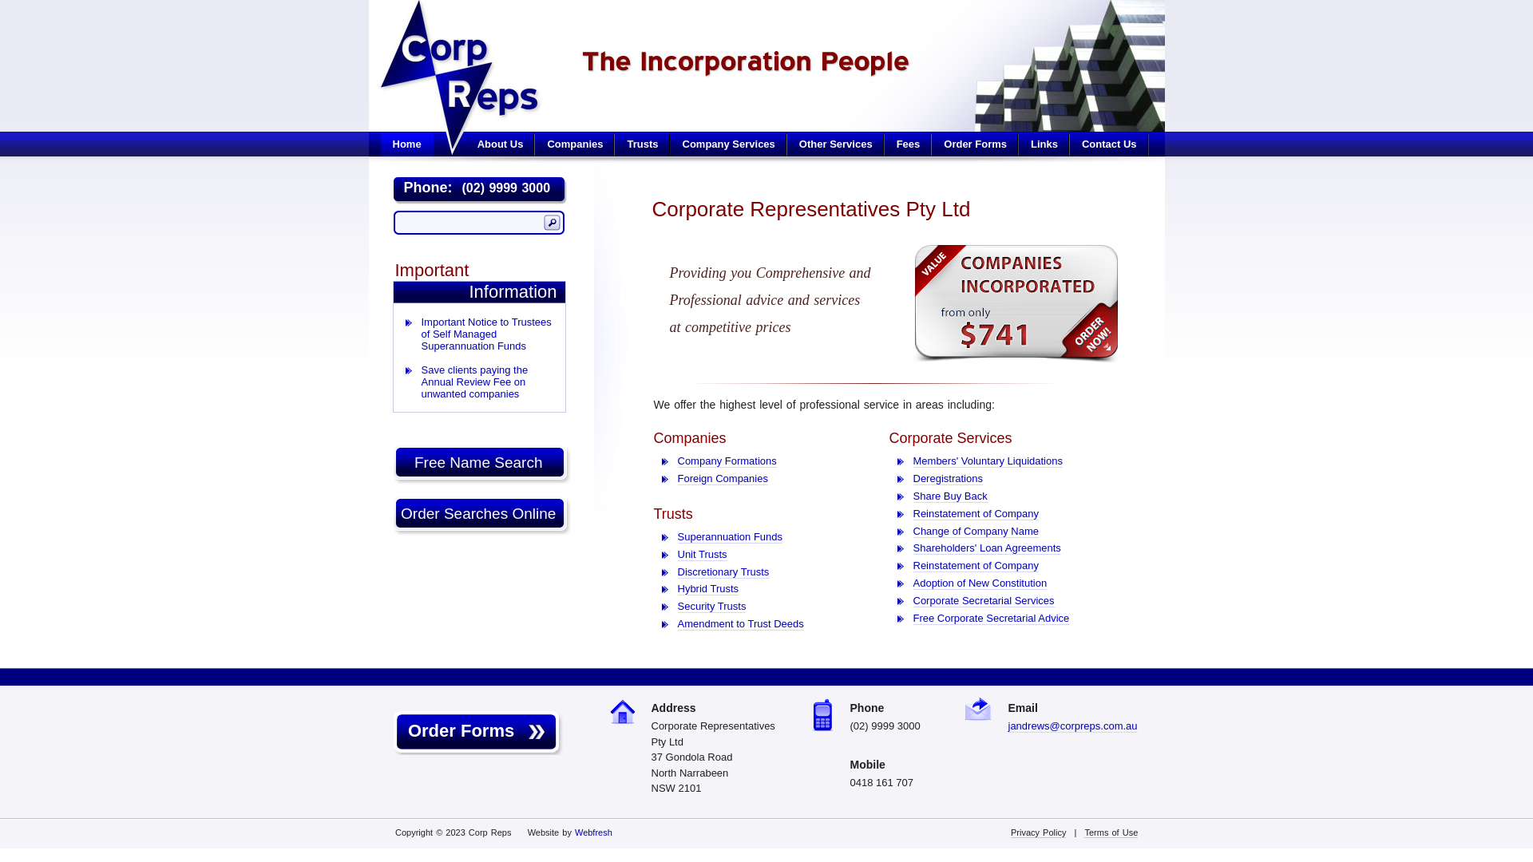 The image size is (1533, 862). Describe the element at coordinates (406, 144) in the screenshot. I see `'Home'` at that location.